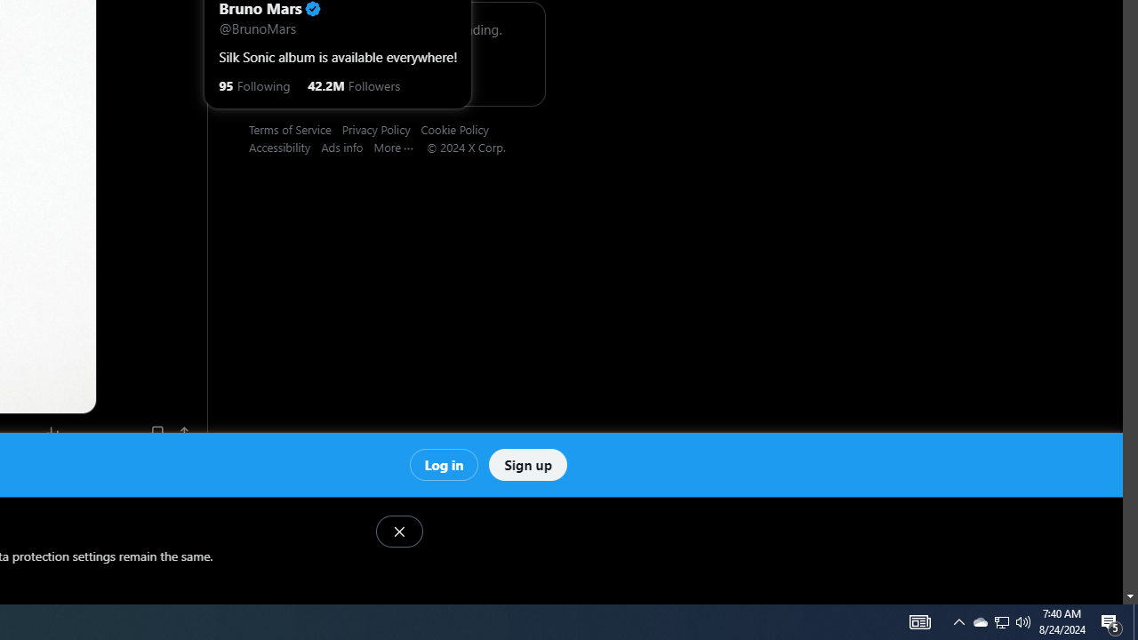  Describe the element at coordinates (348, 146) in the screenshot. I see `'Ads info'` at that location.